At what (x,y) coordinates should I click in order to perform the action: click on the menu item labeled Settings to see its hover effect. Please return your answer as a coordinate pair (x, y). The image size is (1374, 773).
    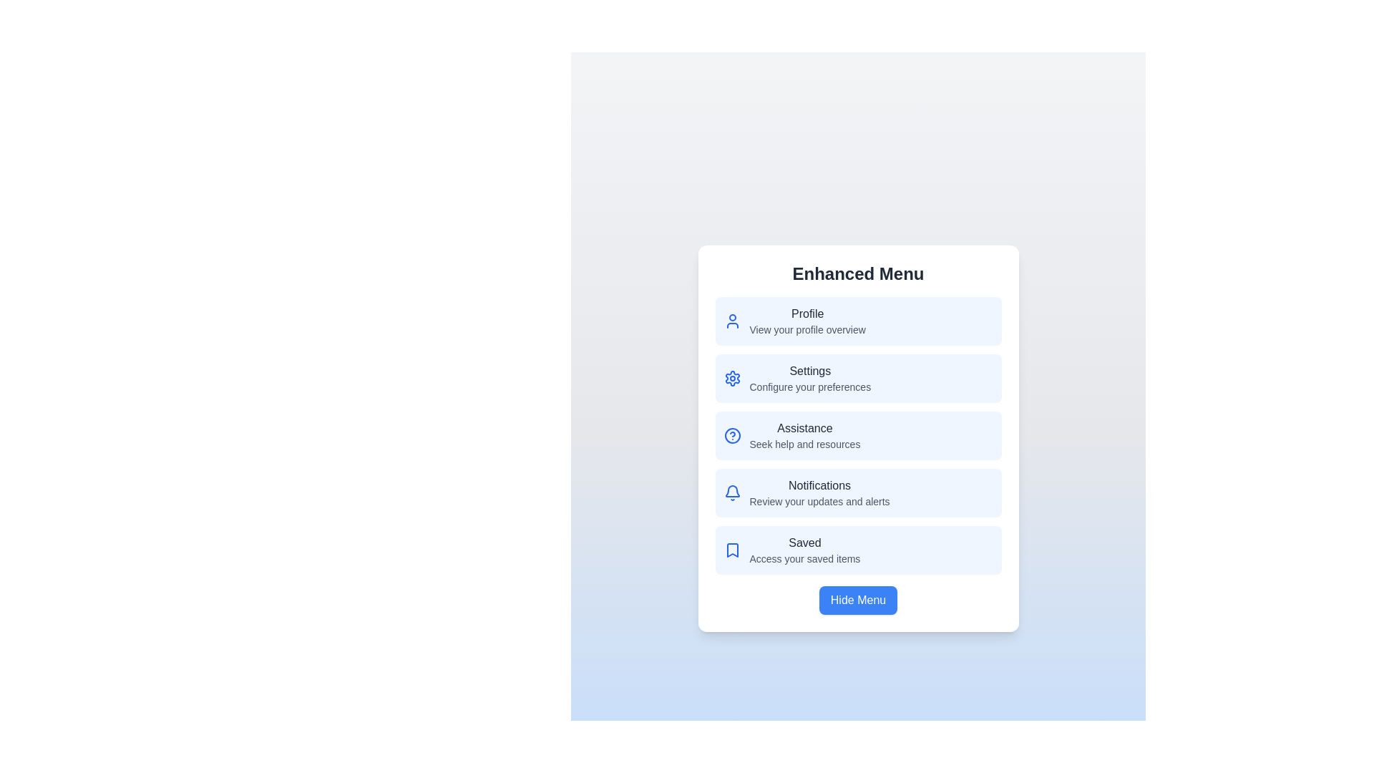
    Looking at the image, I should click on (858, 377).